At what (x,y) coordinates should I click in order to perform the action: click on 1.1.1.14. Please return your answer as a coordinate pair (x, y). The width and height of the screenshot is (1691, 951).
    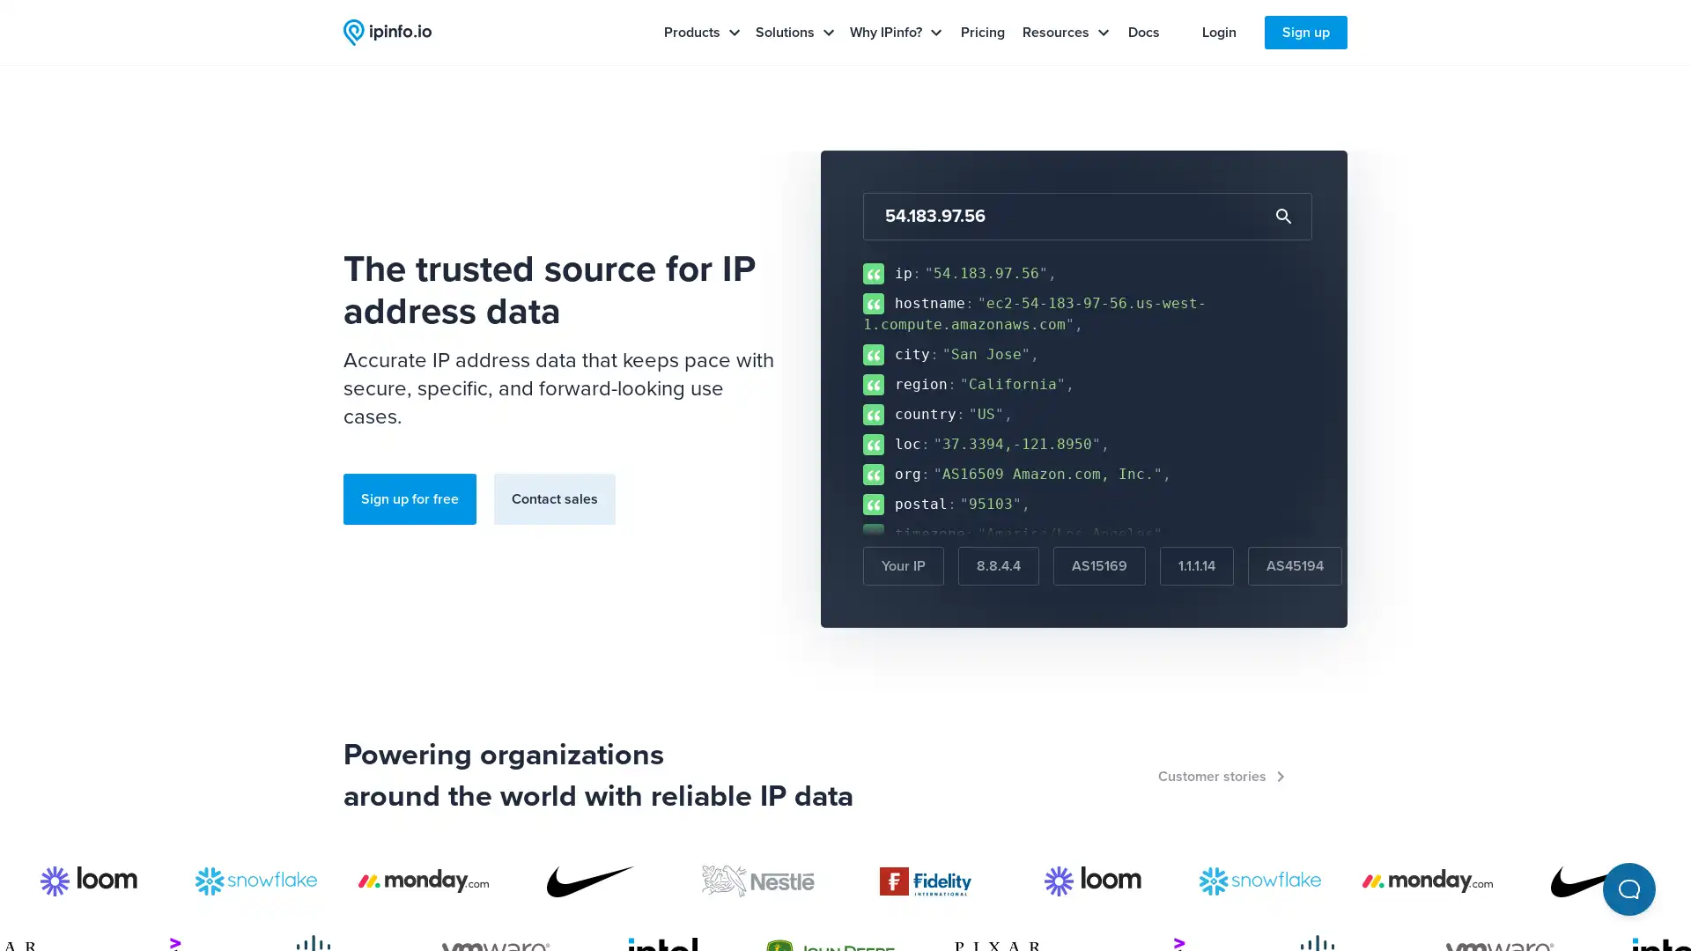
    Looking at the image, I should click on (1196, 566).